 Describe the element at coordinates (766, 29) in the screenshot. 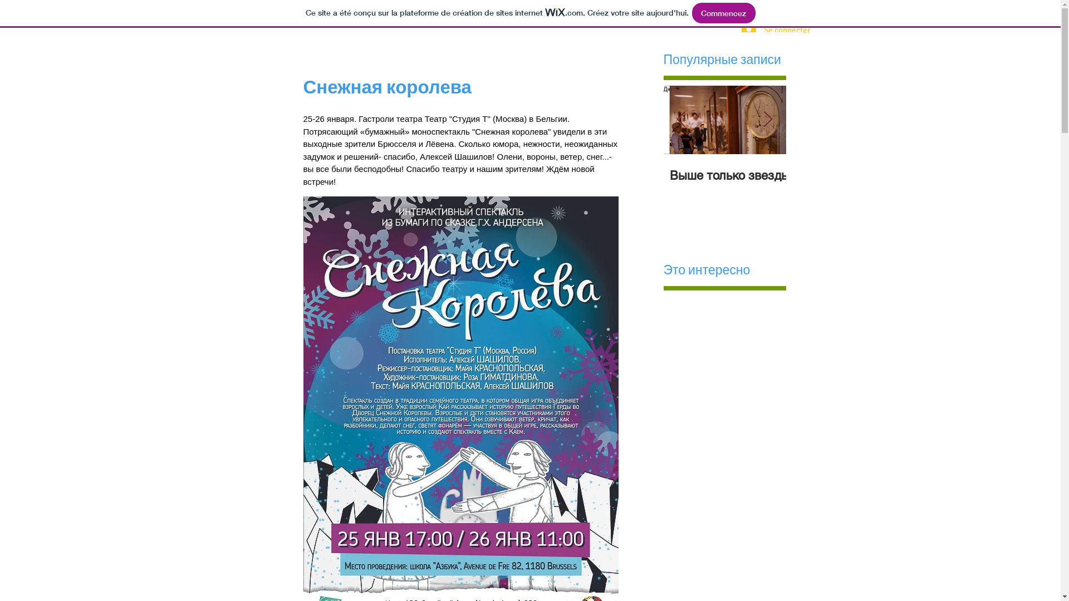

I see `'Se connecter'` at that location.